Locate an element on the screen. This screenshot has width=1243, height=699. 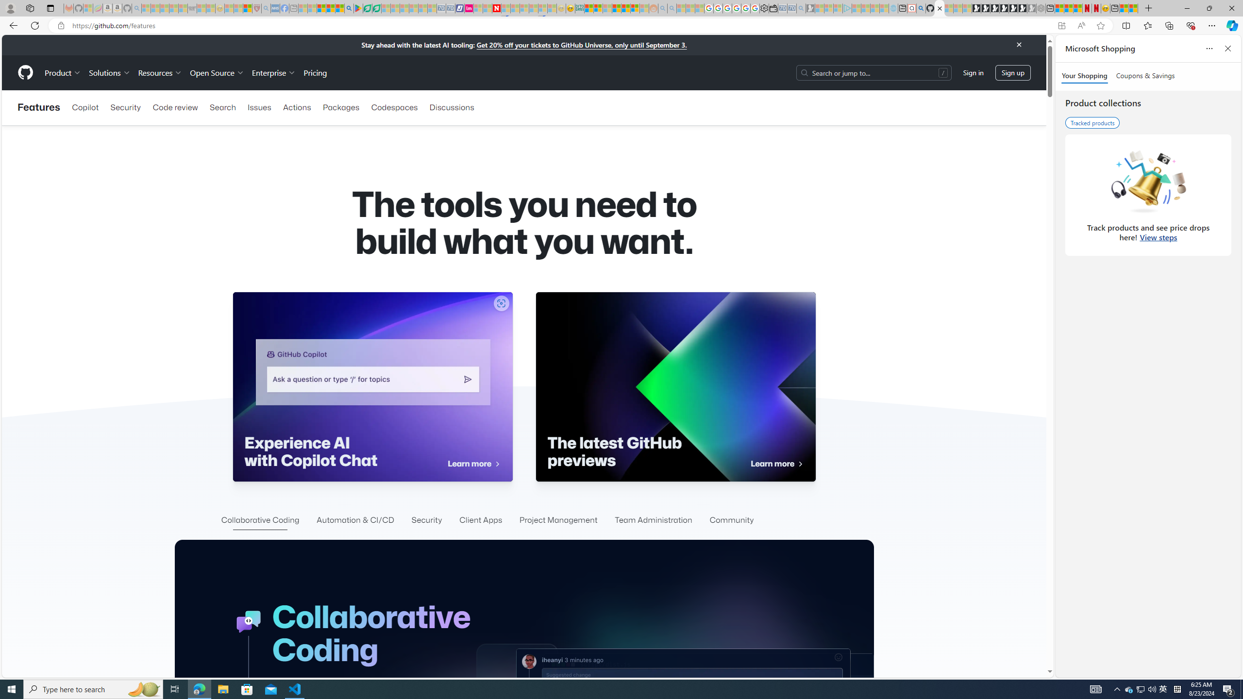
'Experience AI with Copilot Chat Learn more ' is located at coordinates (372, 386).